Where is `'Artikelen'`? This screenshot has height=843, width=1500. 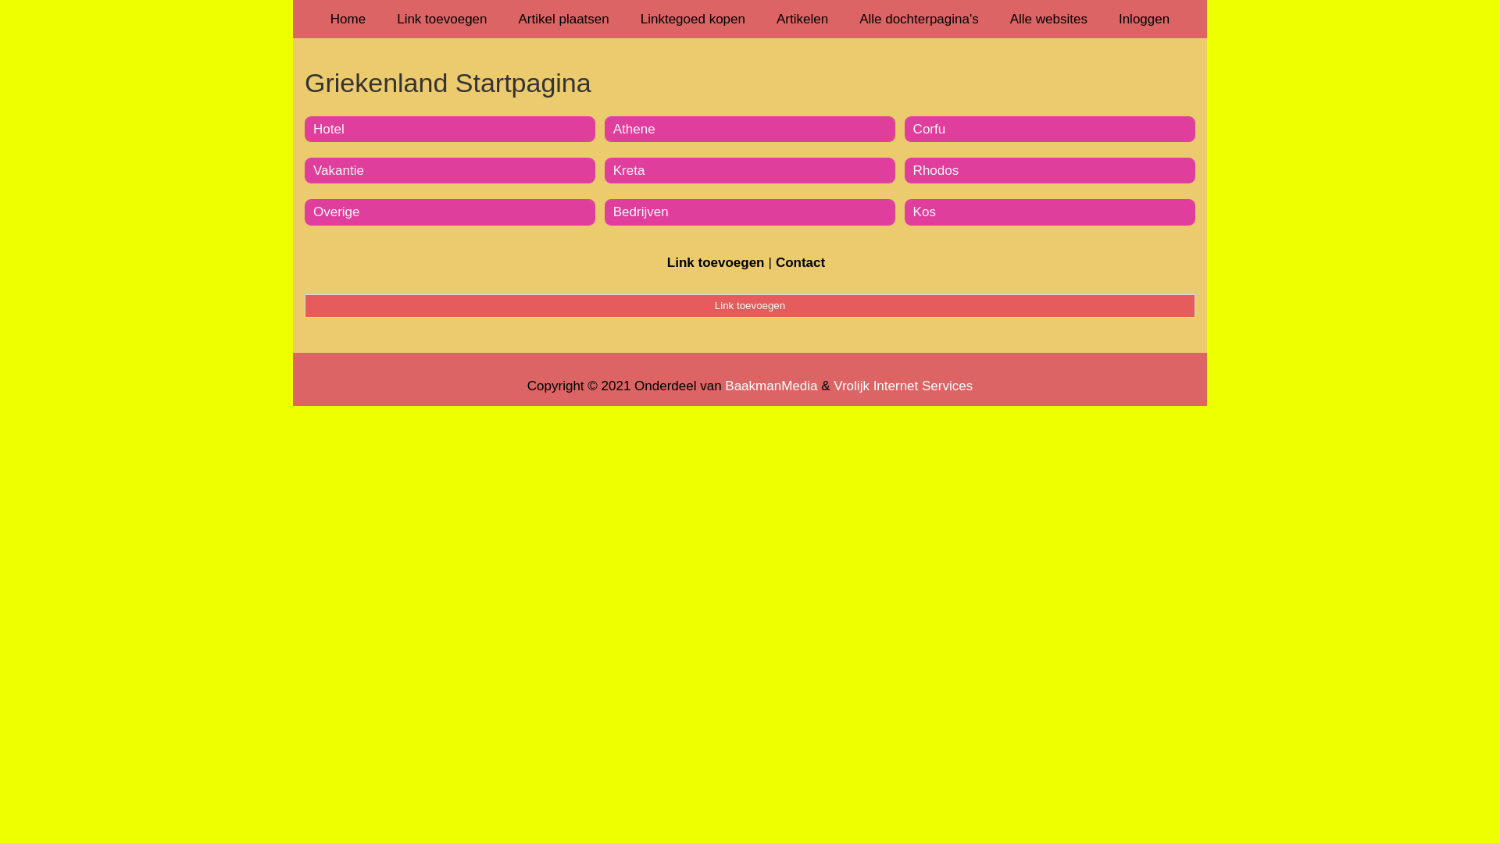
'Artikelen' is located at coordinates (802, 19).